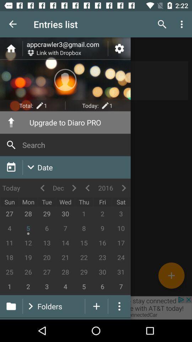  Describe the element at coordinates (9, 287) in the screenshot. I see `1 shown below 25 at the bottom left corner` at that location.